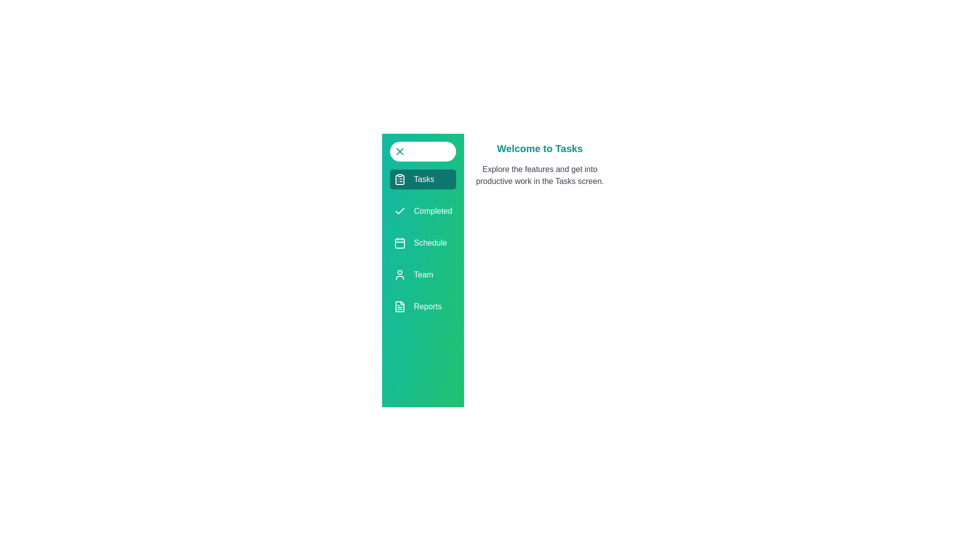 The width and height of the screenshot is (954, 537). Describe the element at coordinates (422, 274) in the screenshot. I see `the menu item Team from the available options` at that location.